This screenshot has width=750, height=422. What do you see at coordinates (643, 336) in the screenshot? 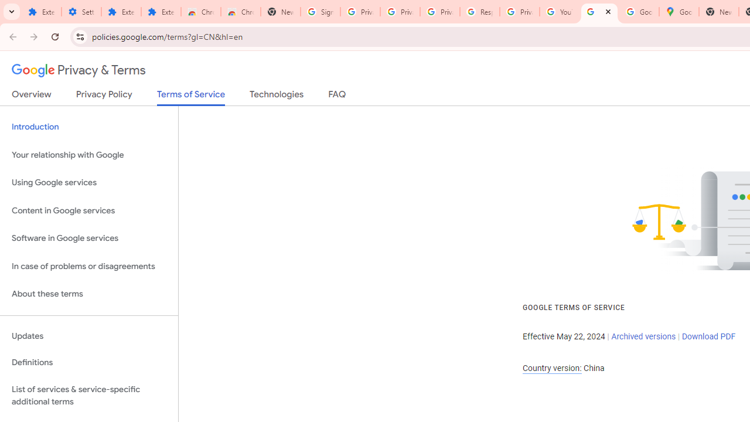
I see `'Archived versions'` at bounding box center [643, 336].